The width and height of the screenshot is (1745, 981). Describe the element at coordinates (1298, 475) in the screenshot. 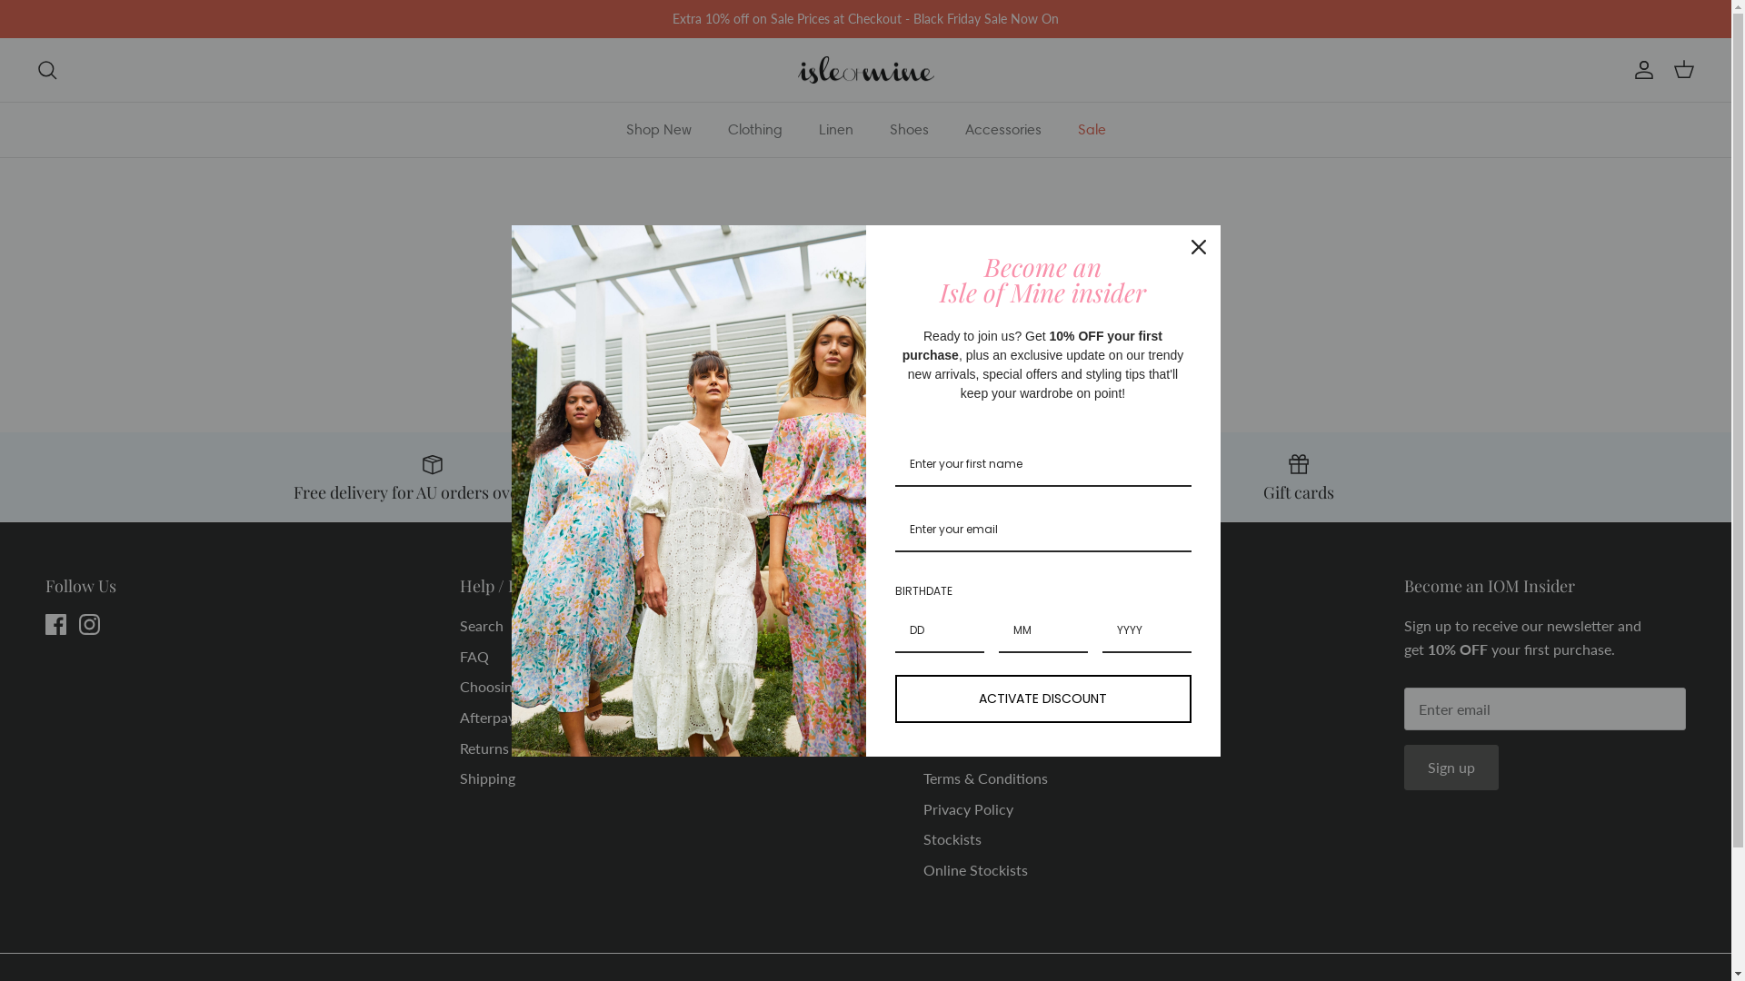

I see `'Gift cards'` at that location.